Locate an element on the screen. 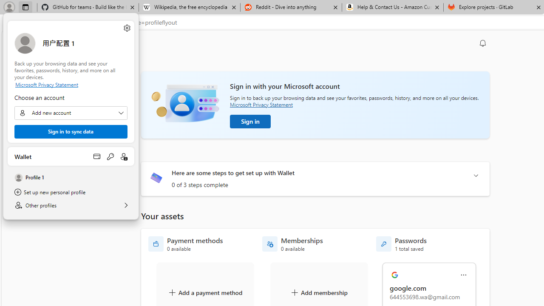 The image size is (544, 306). 'Wallet' is located at coordinates (71, 156).